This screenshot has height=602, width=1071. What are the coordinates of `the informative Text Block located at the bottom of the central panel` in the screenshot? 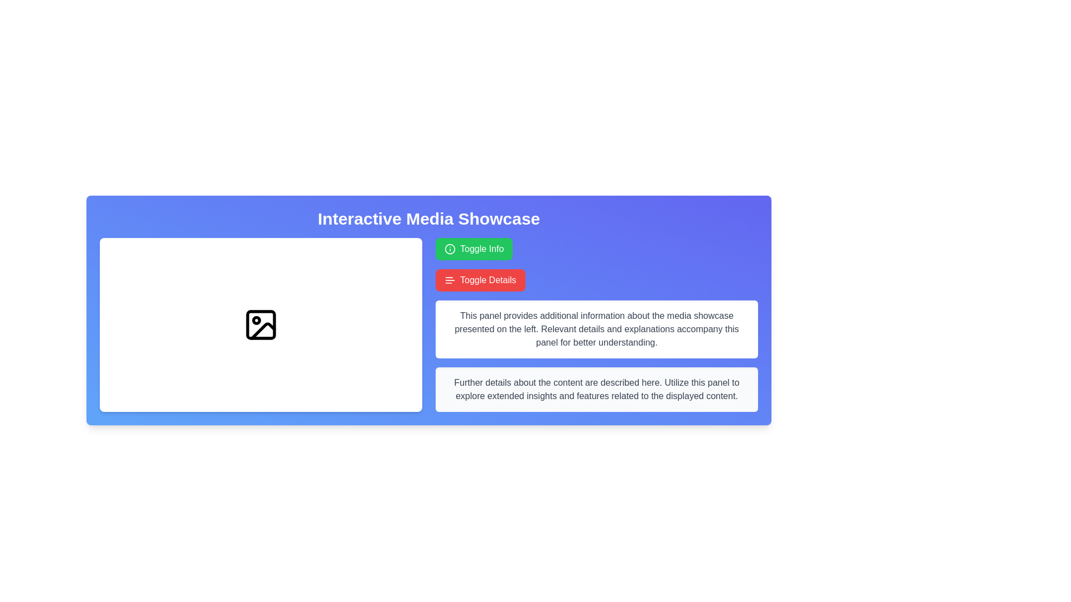 It's located at (596, 389).